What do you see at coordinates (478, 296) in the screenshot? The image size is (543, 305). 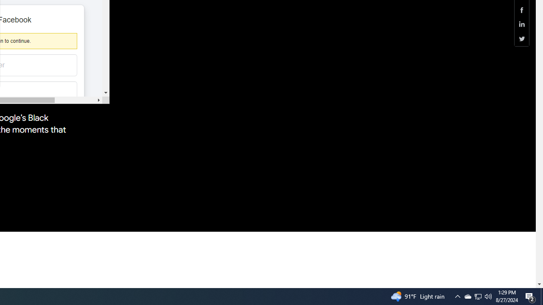 I see `'Q2790: 100%'` at bounding box center [478, 296].